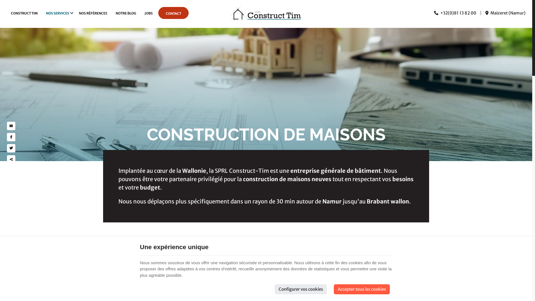  What do you see at coordinates (149, 13) in the screenshot?
I see `'JOBS'` at bounding box center [149, 13].